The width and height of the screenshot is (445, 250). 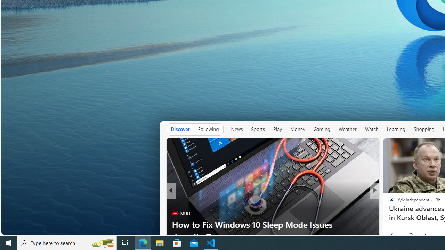 I want to click on 'View comments 31 Comment', so click(x=425, y=236).